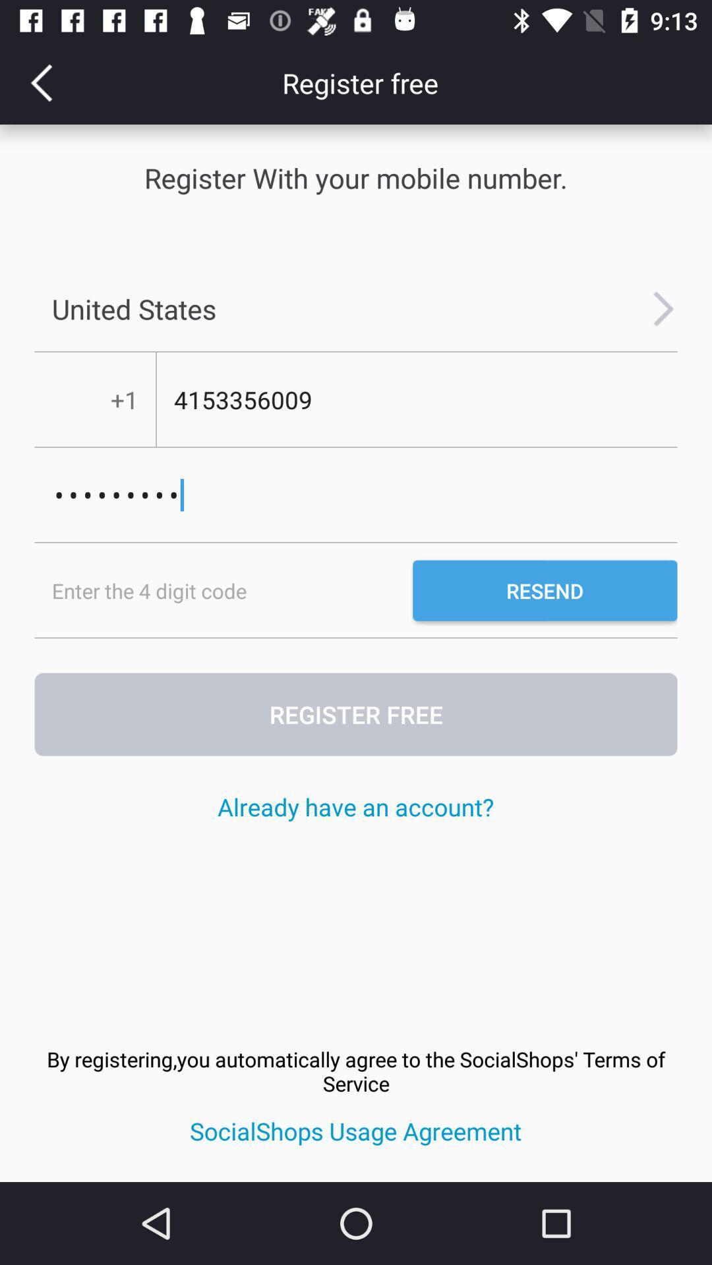 The image size is (712, 1265). What do you see at coordinates (223, 590) in the screenshot?
I see `item on the left` at bounding box center [223, 590].